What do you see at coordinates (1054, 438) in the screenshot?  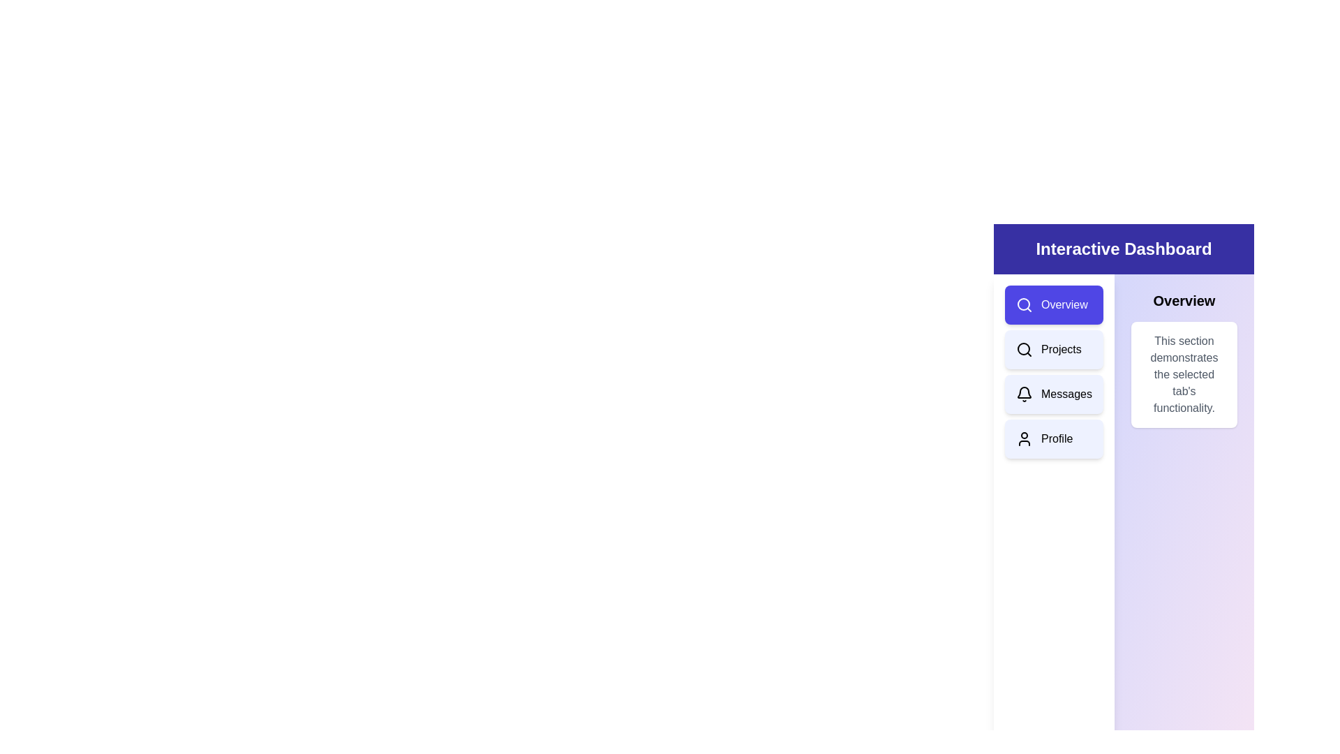 I see `the fourth button in the vertical list of menu buttons located in the left sidebar` at bounding box center [1054, 438].